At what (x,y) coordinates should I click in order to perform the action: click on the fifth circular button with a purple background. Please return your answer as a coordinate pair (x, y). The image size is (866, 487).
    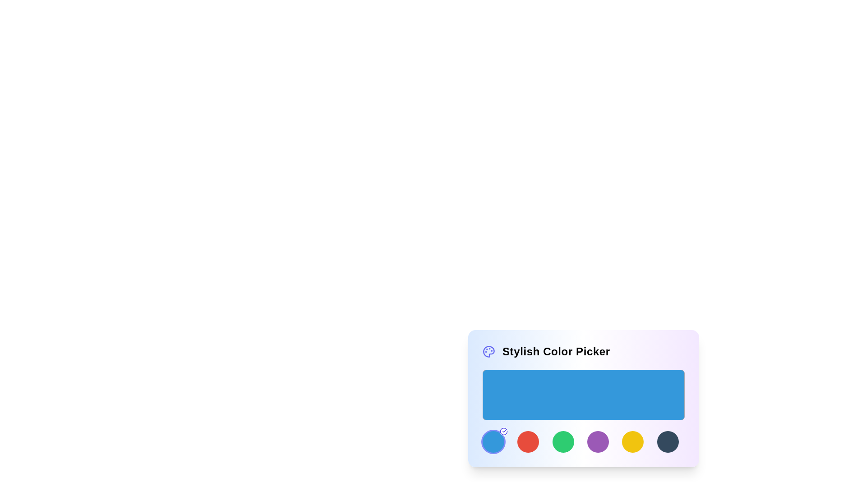
    Looking at the image, I should click on (598, 441).